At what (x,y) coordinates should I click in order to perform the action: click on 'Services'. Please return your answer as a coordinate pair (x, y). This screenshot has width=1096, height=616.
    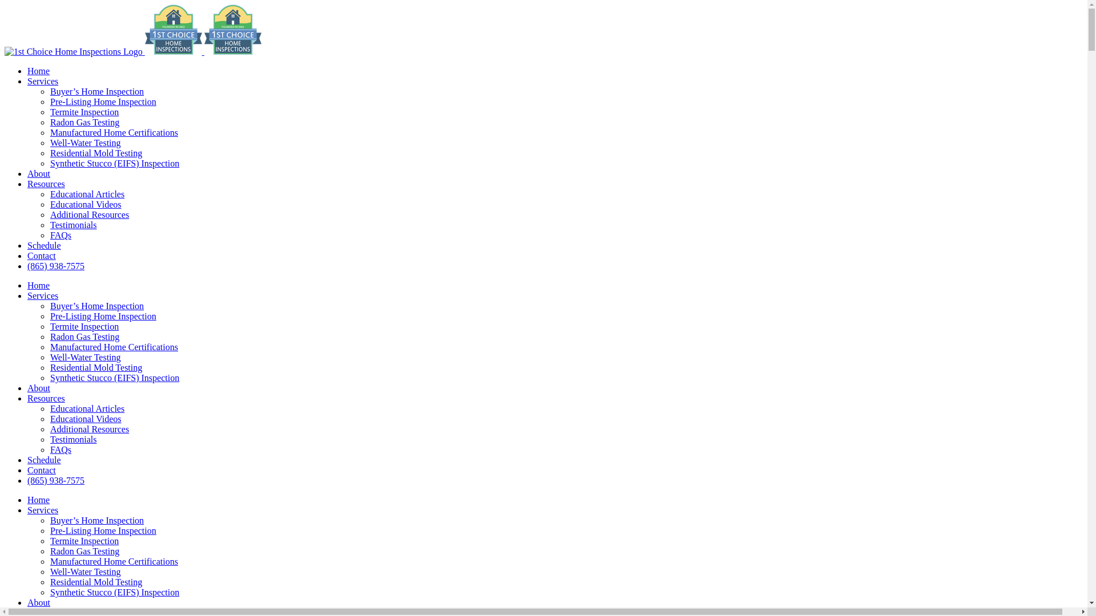
    Looking at the image, I should click on (43, 80).